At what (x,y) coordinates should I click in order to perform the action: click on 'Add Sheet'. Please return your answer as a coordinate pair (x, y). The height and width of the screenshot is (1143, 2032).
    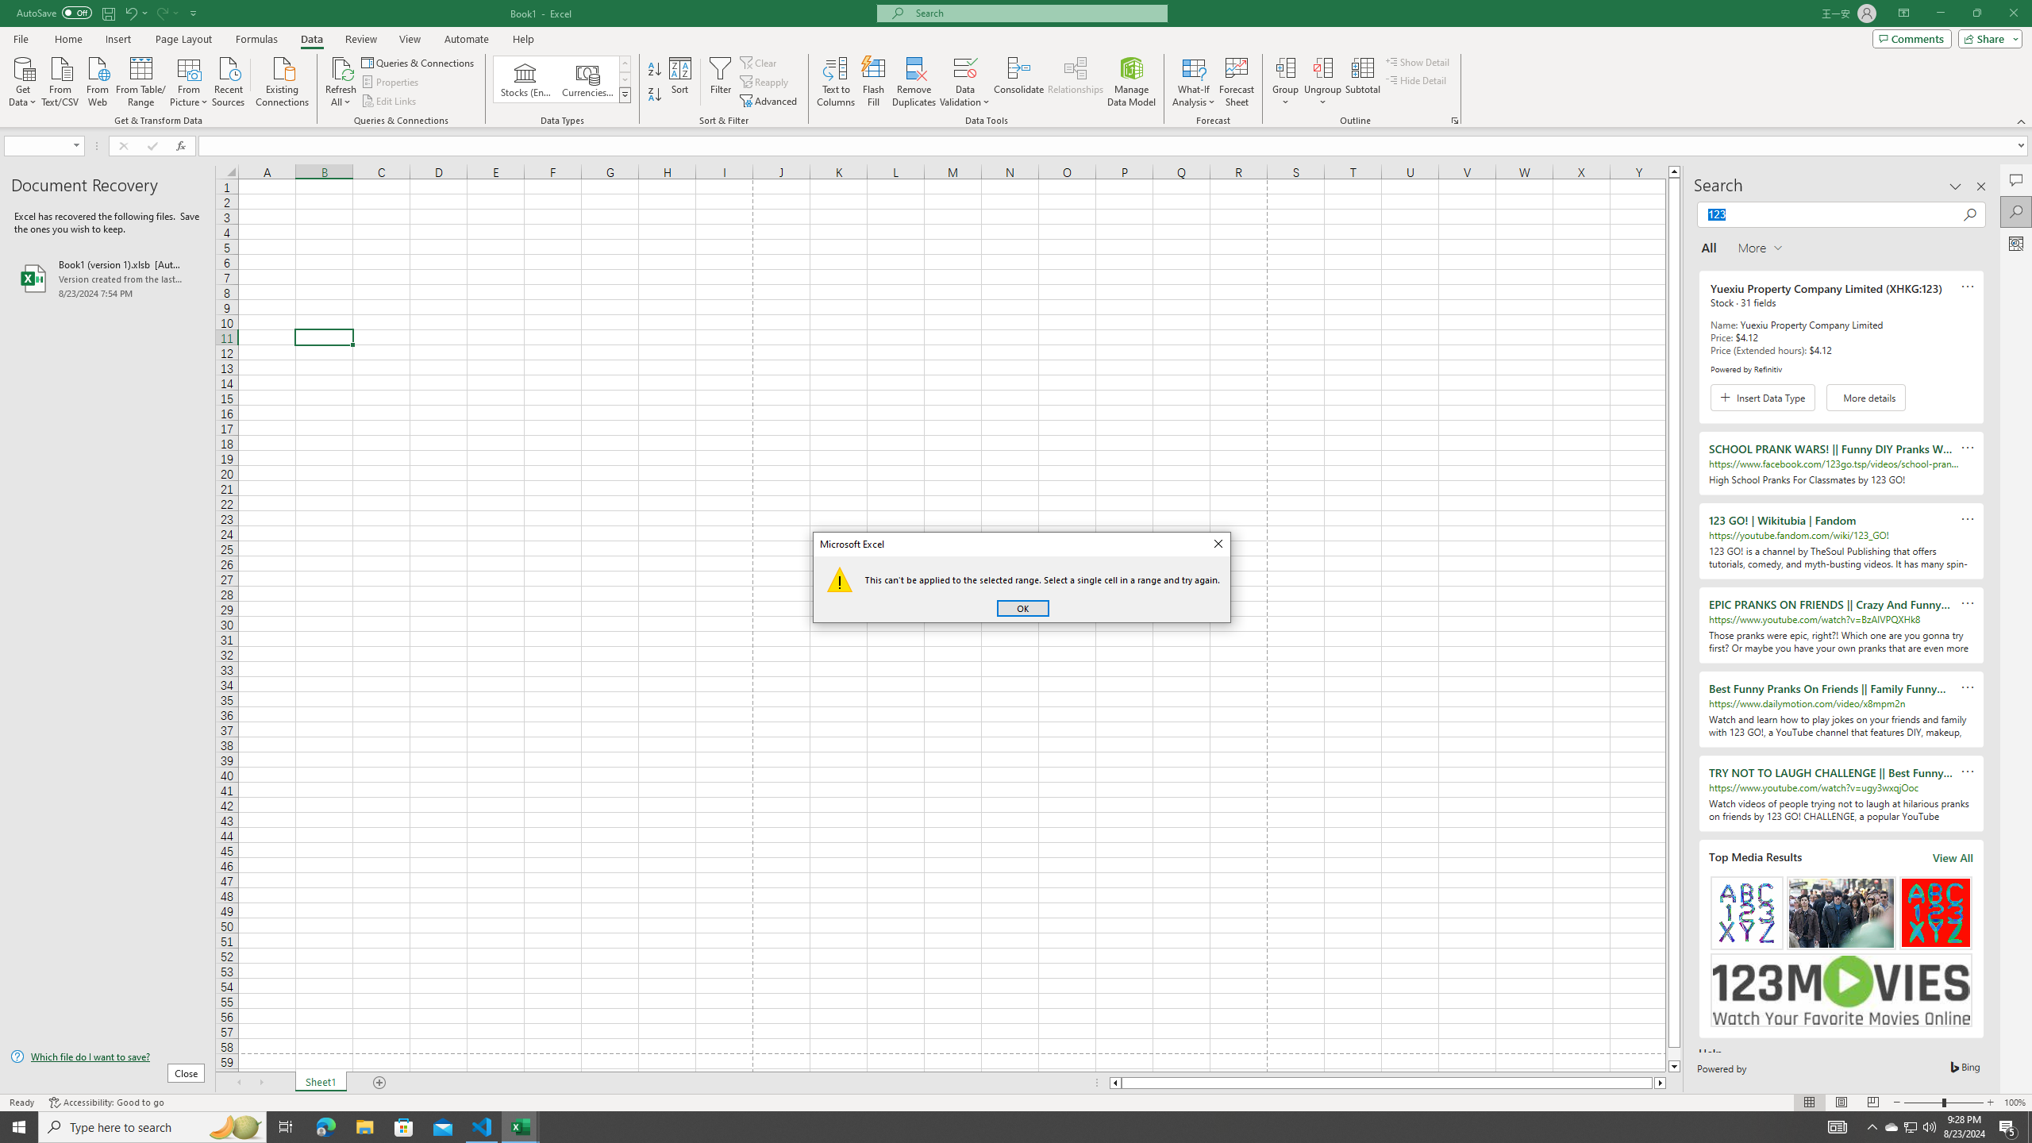
    Looking at the image, I should click on (381, 1082).